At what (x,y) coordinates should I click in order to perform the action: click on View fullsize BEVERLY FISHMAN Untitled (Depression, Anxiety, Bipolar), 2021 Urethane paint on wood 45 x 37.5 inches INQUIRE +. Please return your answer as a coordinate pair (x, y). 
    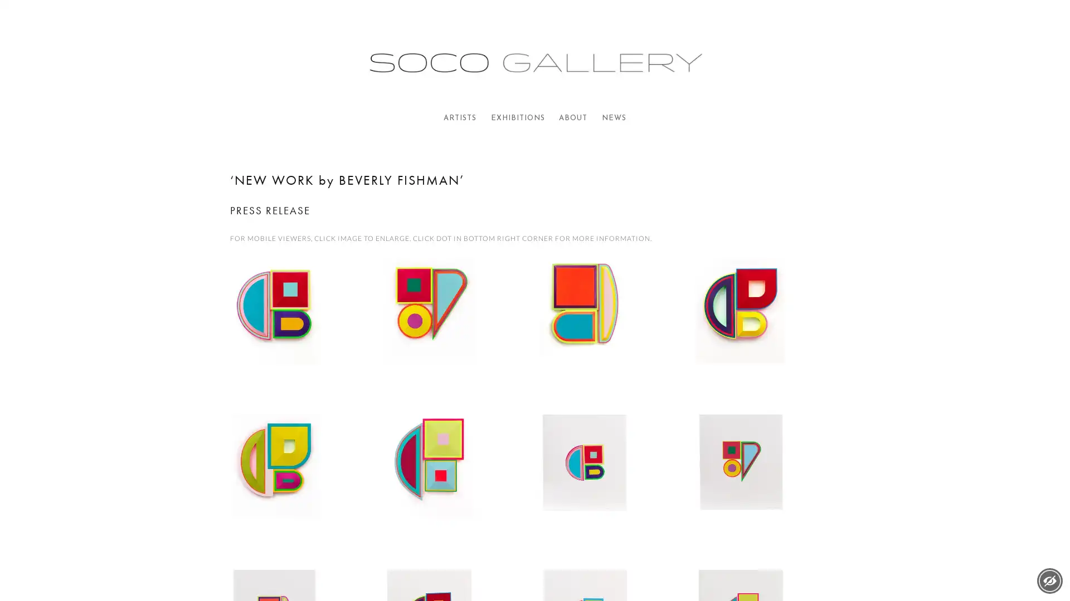
    Looking at the image, I should click on (612, 330).